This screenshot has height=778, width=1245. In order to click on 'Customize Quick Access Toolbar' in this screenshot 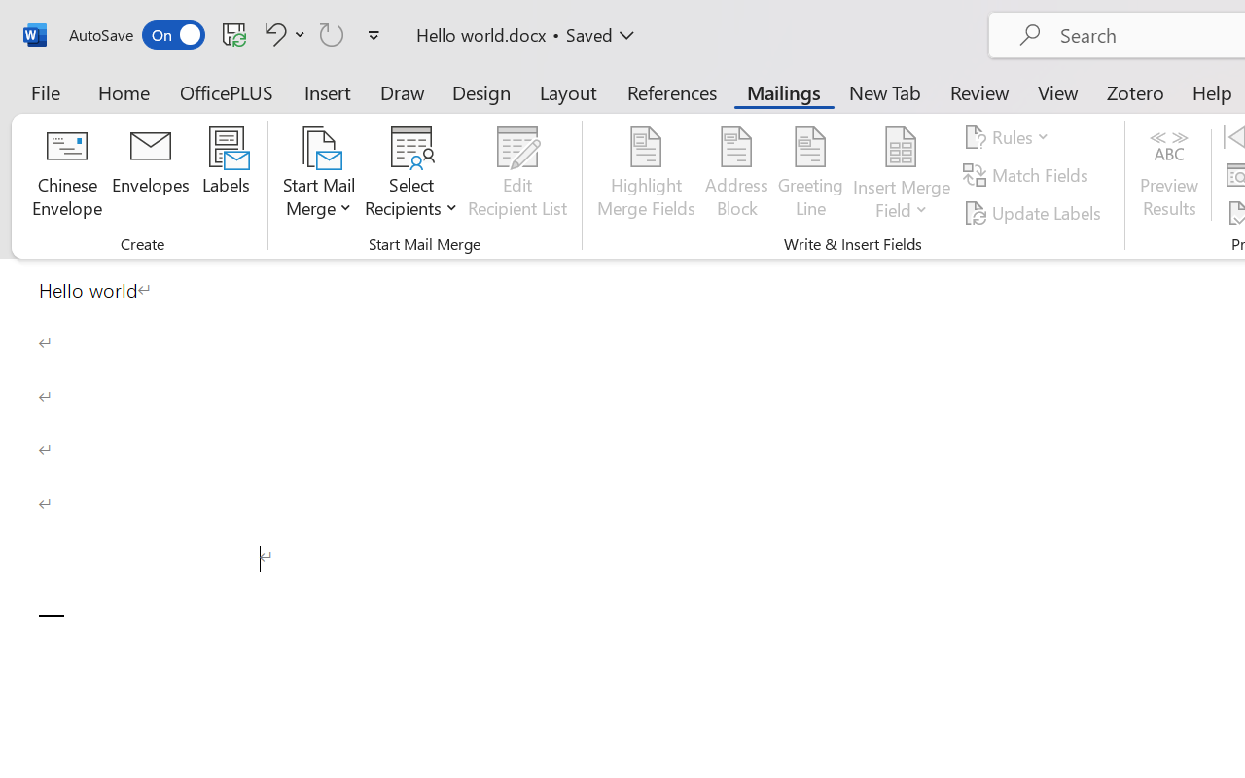, I will do `click(373, 34)`.